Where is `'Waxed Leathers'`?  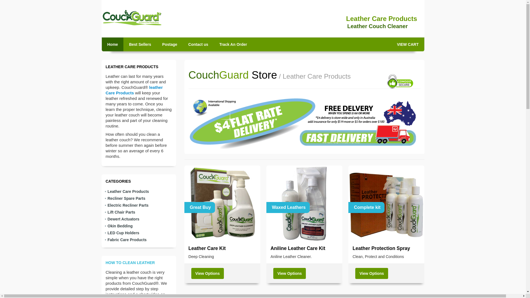
'Waxed Leathers' is located at coordinates (304, 203).